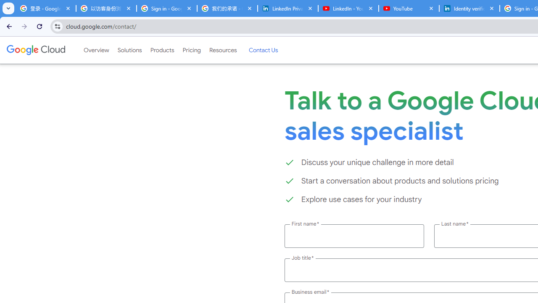 The image size is (538, 303). Describe the element at coordinates (166, 8) in the screenshot. I see `'Sign in - Google Accounts'` at that location.